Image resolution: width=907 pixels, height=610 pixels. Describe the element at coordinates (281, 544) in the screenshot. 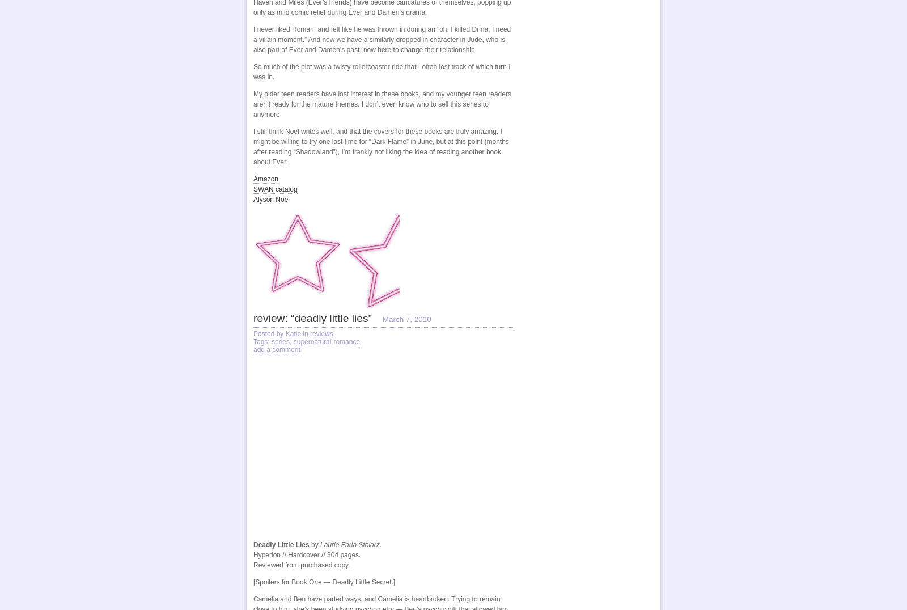

I see `'Deadly Little Lies'` at that location.